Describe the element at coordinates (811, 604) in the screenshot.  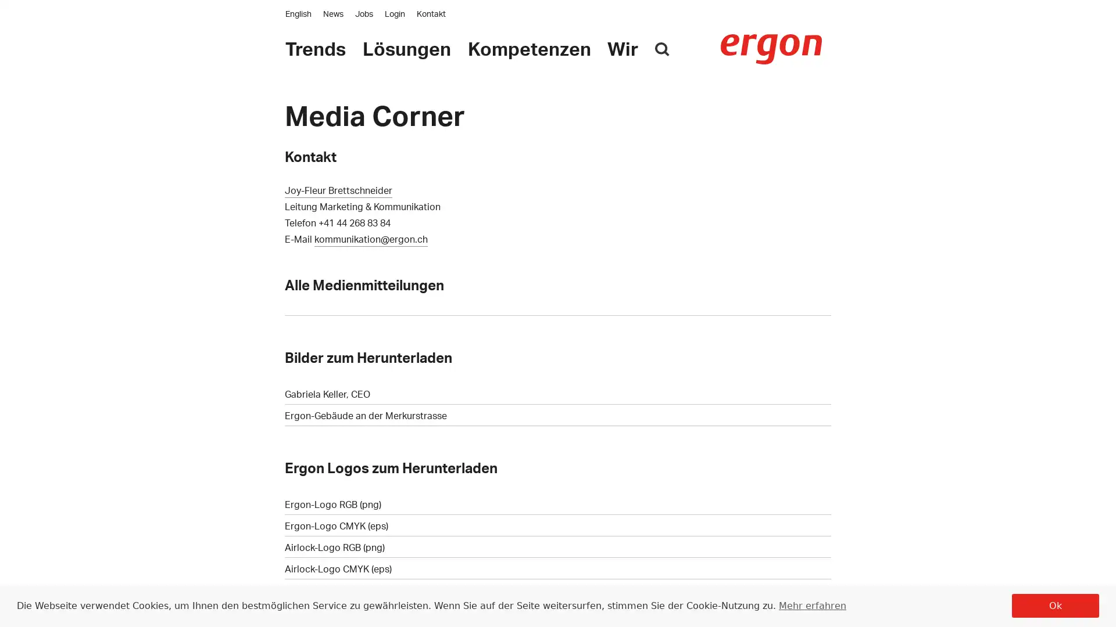
I see `learn more about cookies` at that location.